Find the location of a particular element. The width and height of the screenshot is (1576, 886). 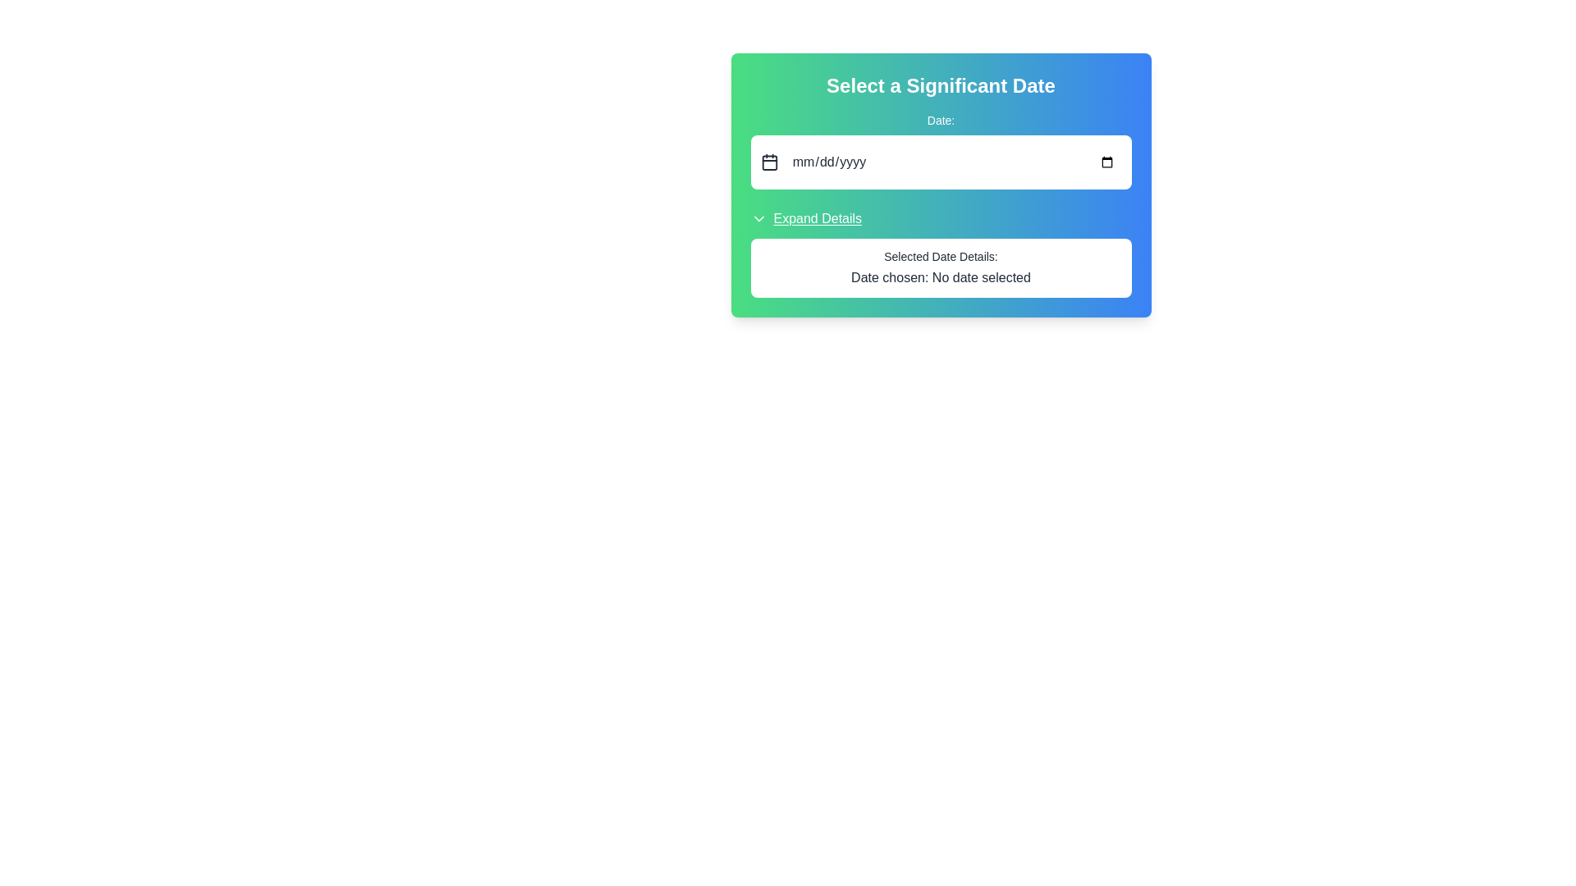

text from the informational text box that displays 'Selected Date Details:' and 'Date chosen: No date selected' is located at coordinates (941, 253).